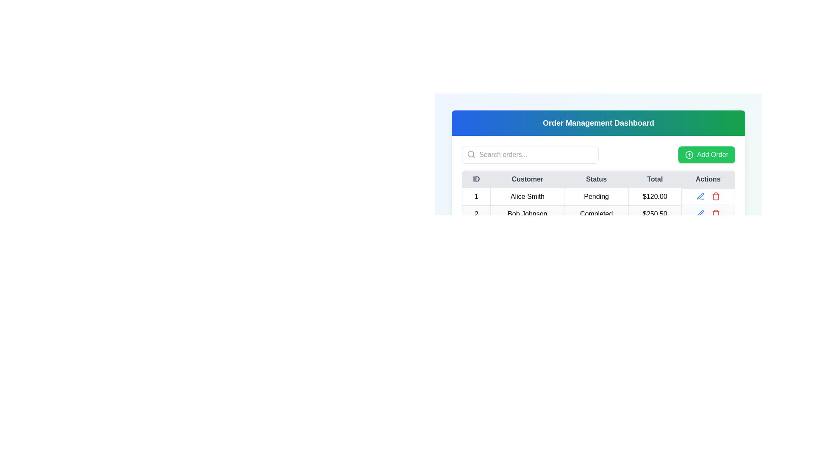  I want to click on the rows of the Interactive data table located below the 'Order Management Dashboard' section, so click(598, 197).